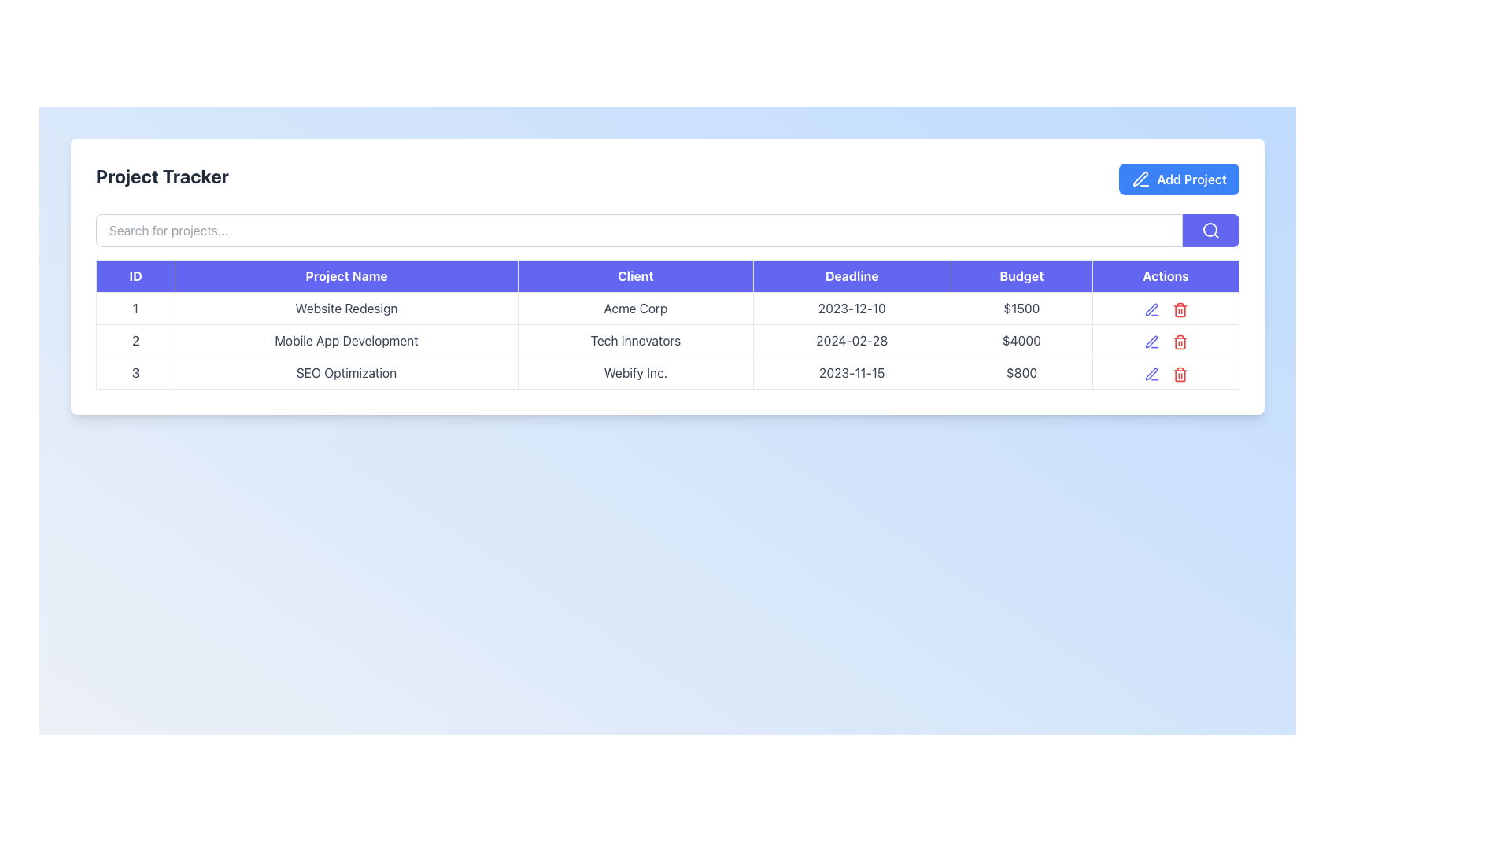  Describe the element at coordinates (851, 275) in the screenshot. I see `the Table Header indicating deadlines, which is located between the 'Client' and 'Budget' columns in the upper-middle region of the table` at that location.